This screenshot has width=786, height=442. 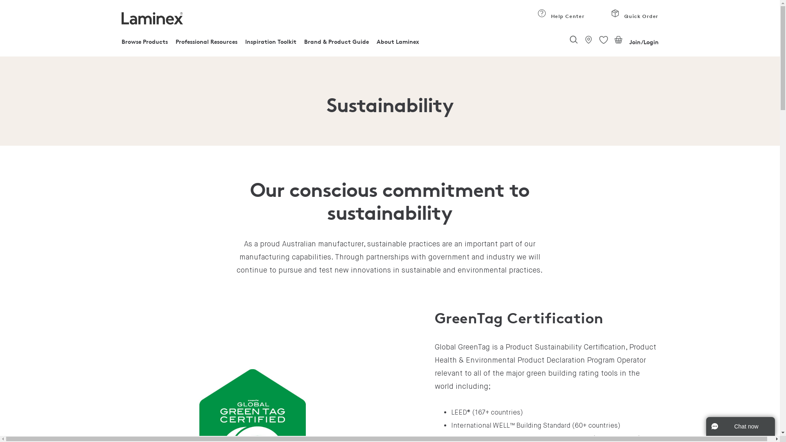 I want to click on 'Browse Products', so click(x=144, y=44).